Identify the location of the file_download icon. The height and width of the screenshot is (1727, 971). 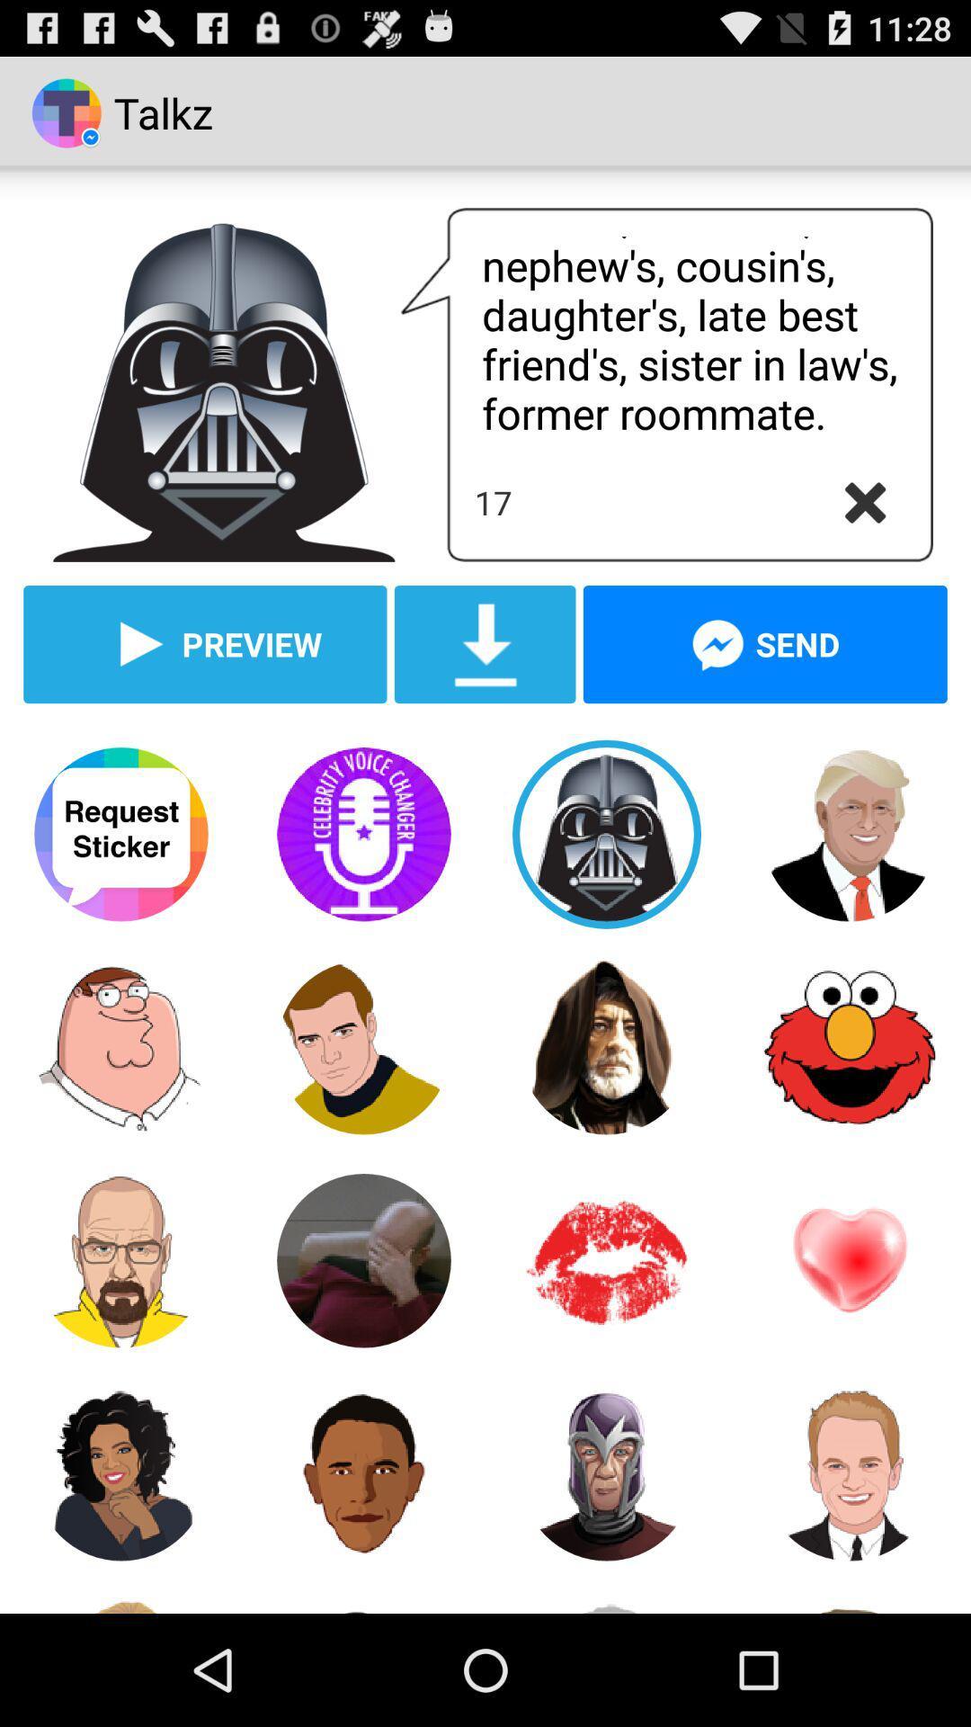
(484, 689).